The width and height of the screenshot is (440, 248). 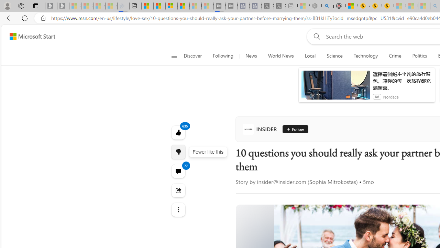 I want to click on 'Back', so click(x=8, y=18).